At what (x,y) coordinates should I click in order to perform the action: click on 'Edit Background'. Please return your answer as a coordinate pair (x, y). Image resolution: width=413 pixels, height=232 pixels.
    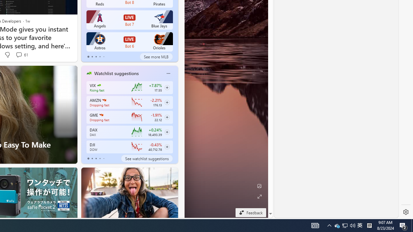
    Looking at the image, I should click on (259, 186).